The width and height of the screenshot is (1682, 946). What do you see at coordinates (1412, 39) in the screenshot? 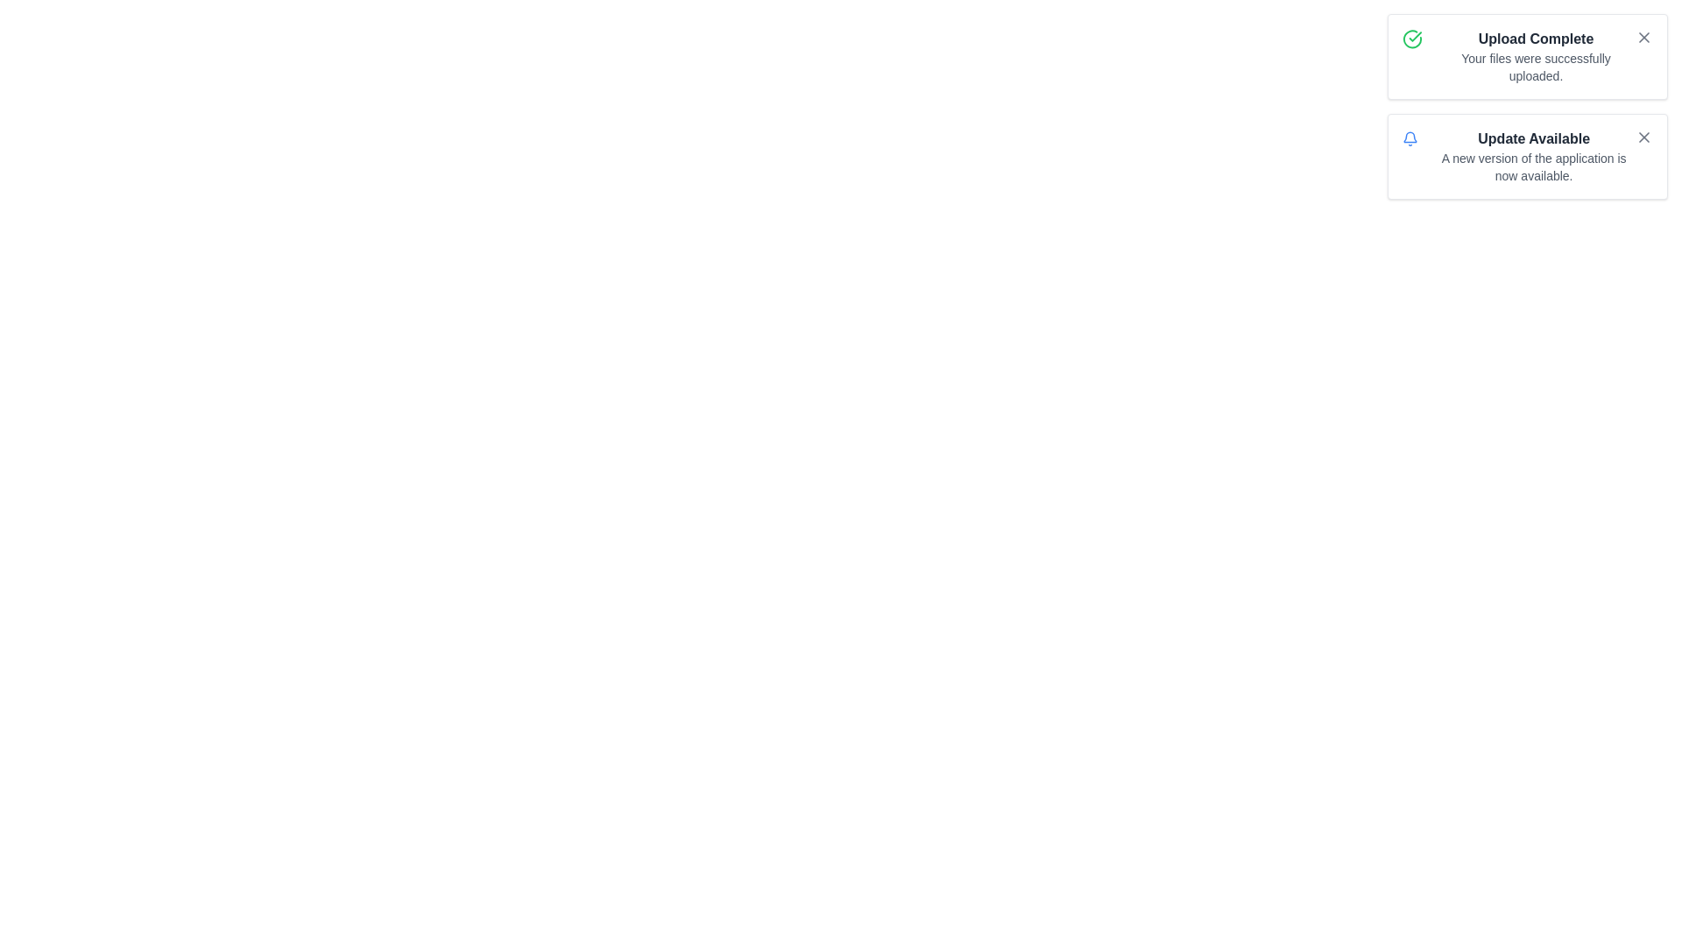
I see `the green circular checkmark icon located at the top-left corner of the 'Upload Complete' notification box` at bounding box center [1412, 39].